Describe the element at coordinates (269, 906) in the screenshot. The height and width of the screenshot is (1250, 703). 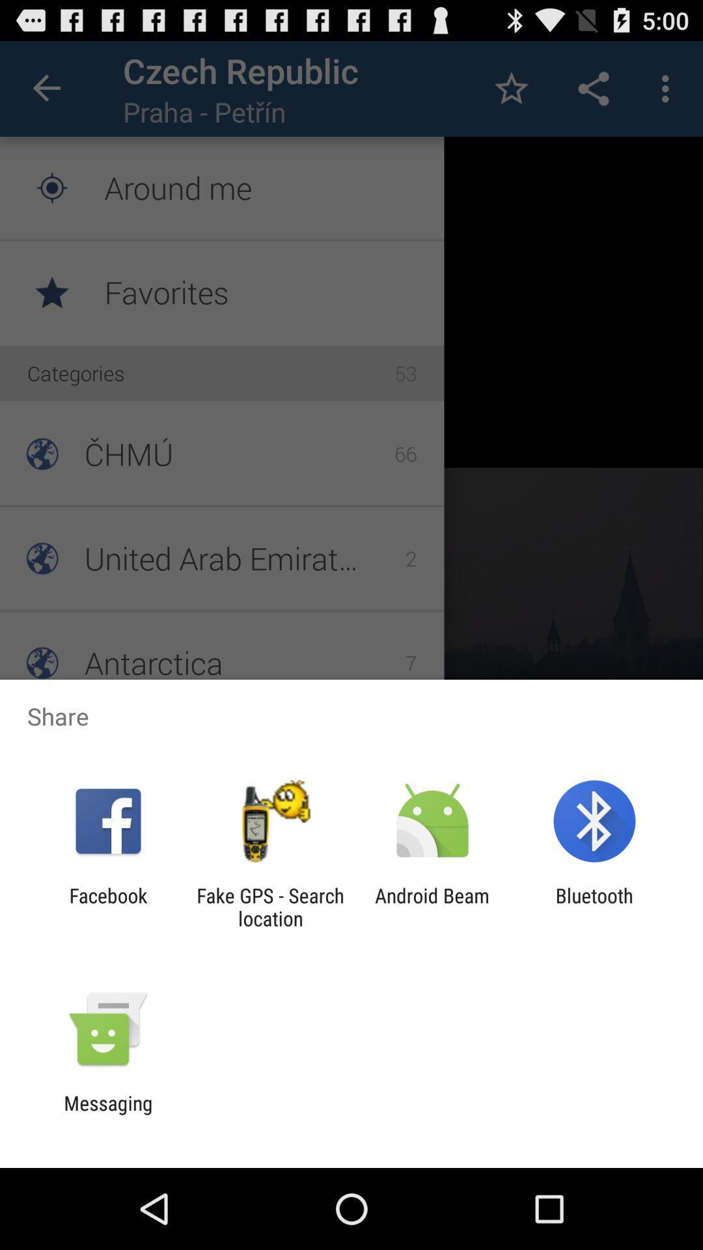
I see `icon next to the facebook icon` at that location.